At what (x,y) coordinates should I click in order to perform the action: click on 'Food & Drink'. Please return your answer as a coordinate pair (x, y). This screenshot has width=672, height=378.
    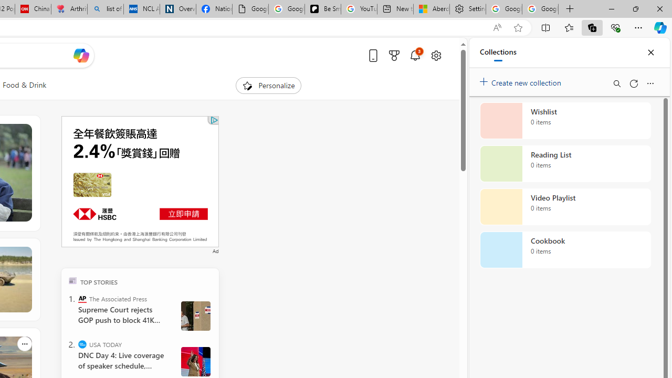
    Looking at the image, I should click on (25, 85).